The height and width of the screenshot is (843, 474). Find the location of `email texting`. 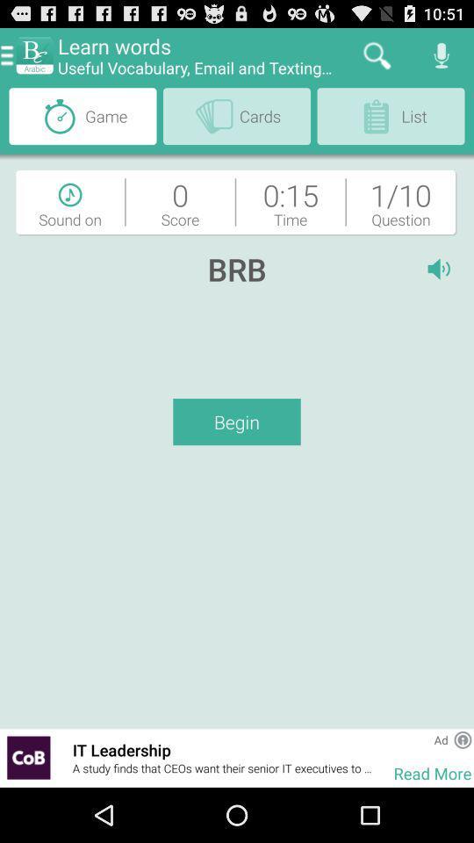

email texting is located at coordinates (27, 757).